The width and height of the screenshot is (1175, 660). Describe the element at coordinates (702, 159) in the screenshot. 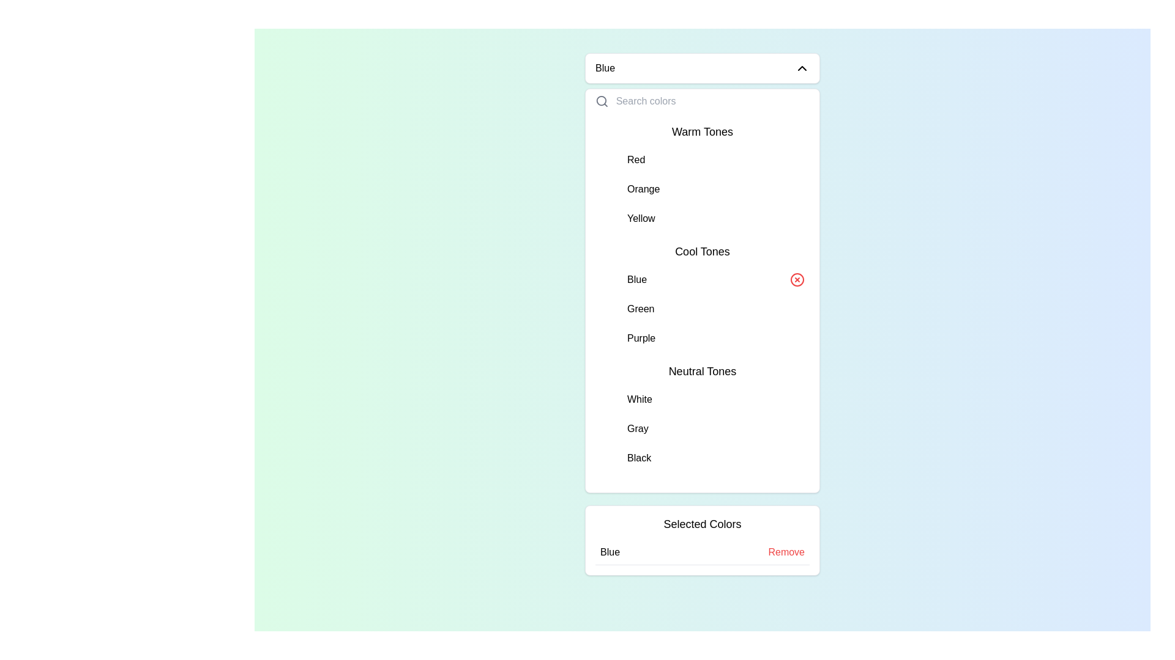

I see `the first selectable option in the 'Warm Tones' list that represents the color red` at that location.